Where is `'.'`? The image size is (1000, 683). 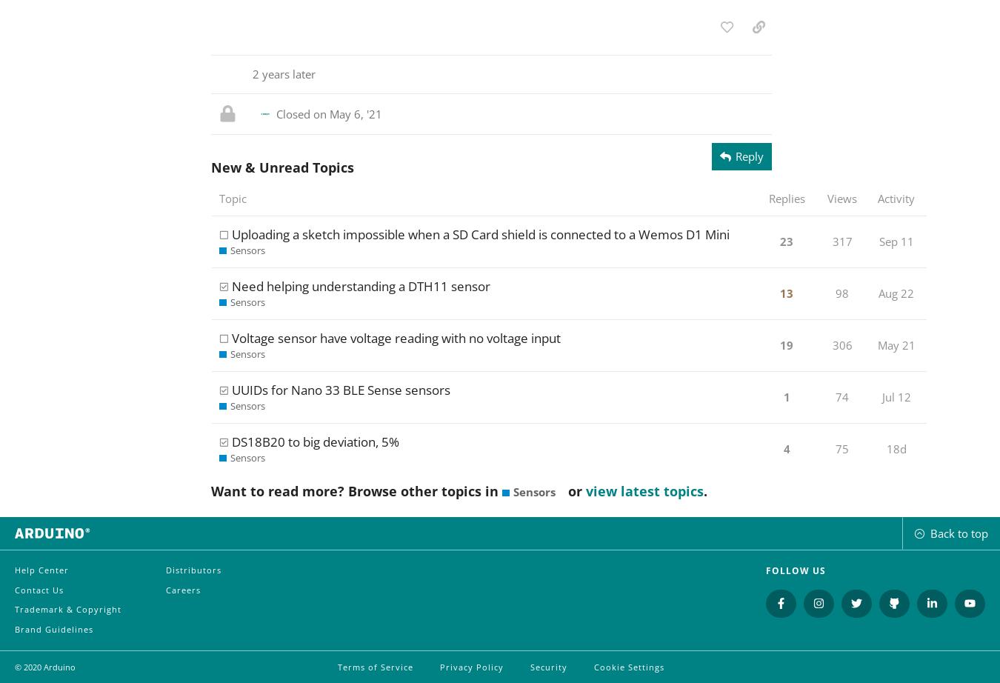
'.' is located at coordinates (702, 491).